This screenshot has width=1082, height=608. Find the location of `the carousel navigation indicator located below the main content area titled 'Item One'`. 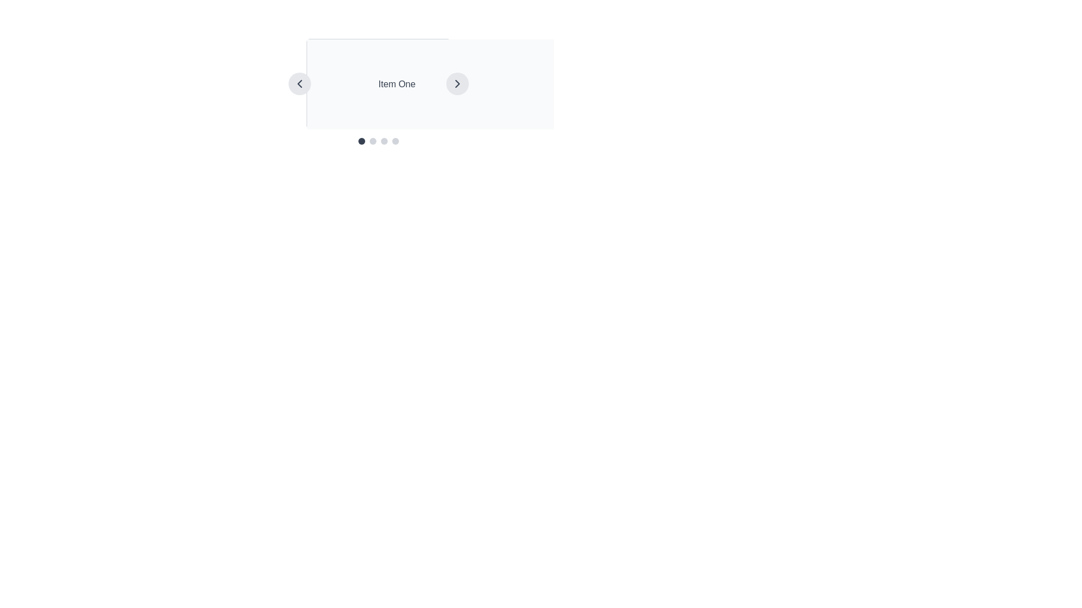

the carousel navigation indicator located below the main content area titled 'Item One' is located at coordinates (378, 140).